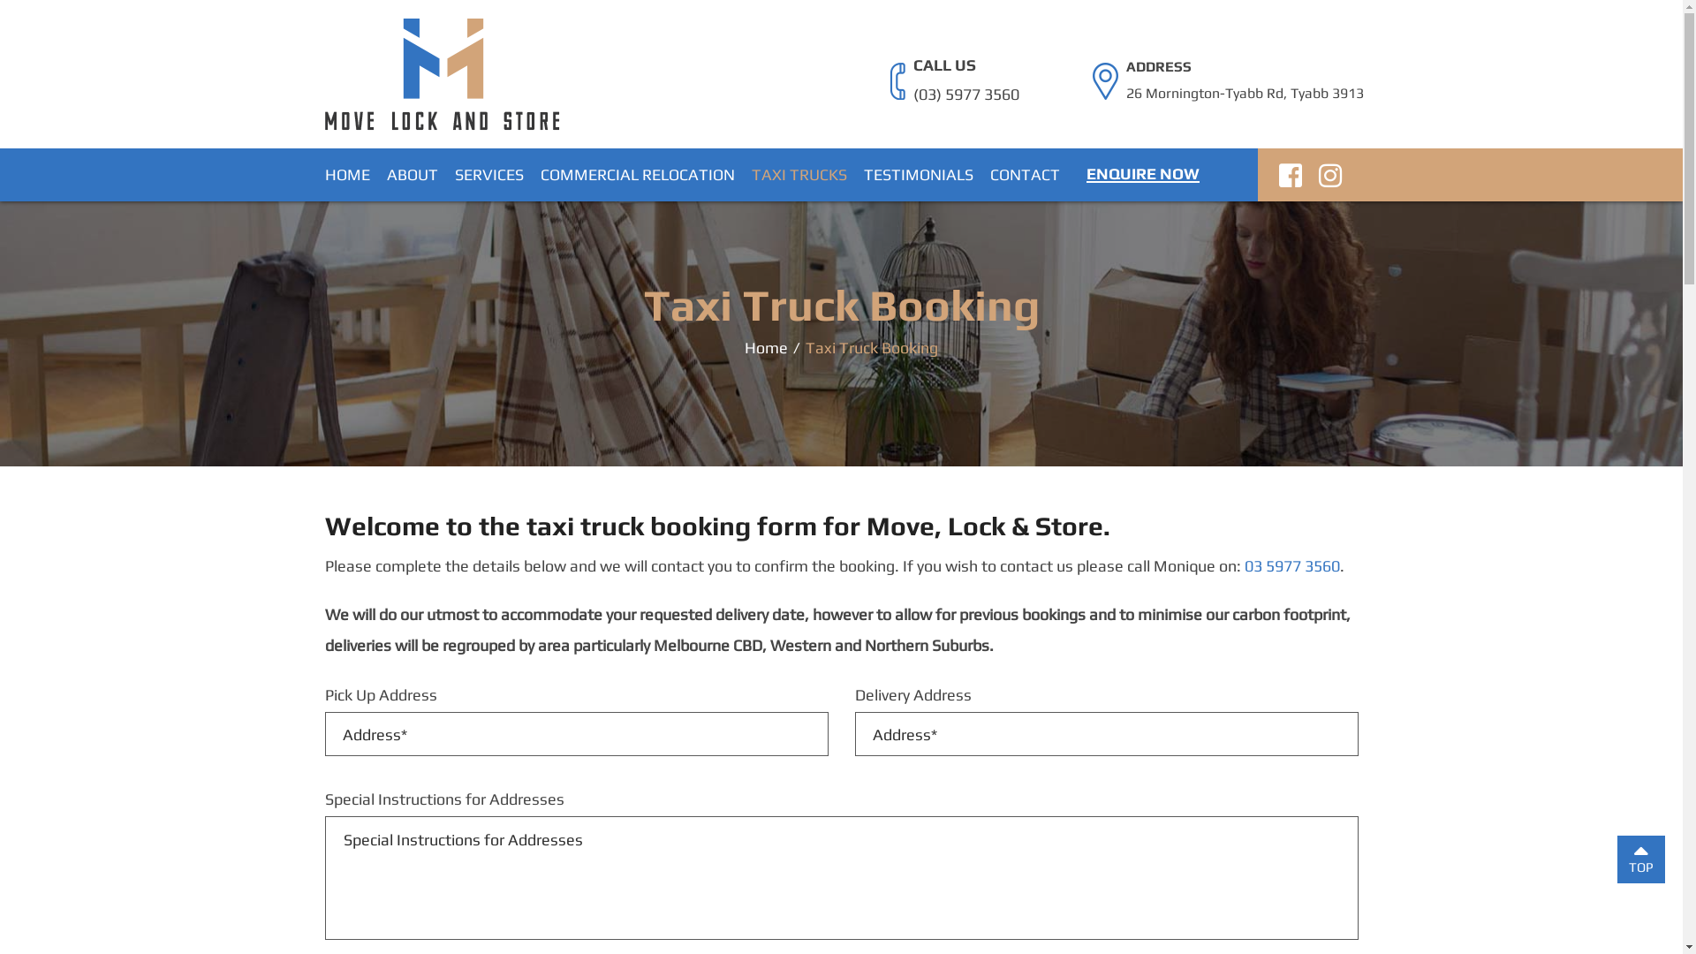 Image resolution: width=1696 pixels, height=954 pixels. Describe the element at coordinates (347, 174) in the screenshot. I see `'HOME'` at that location.